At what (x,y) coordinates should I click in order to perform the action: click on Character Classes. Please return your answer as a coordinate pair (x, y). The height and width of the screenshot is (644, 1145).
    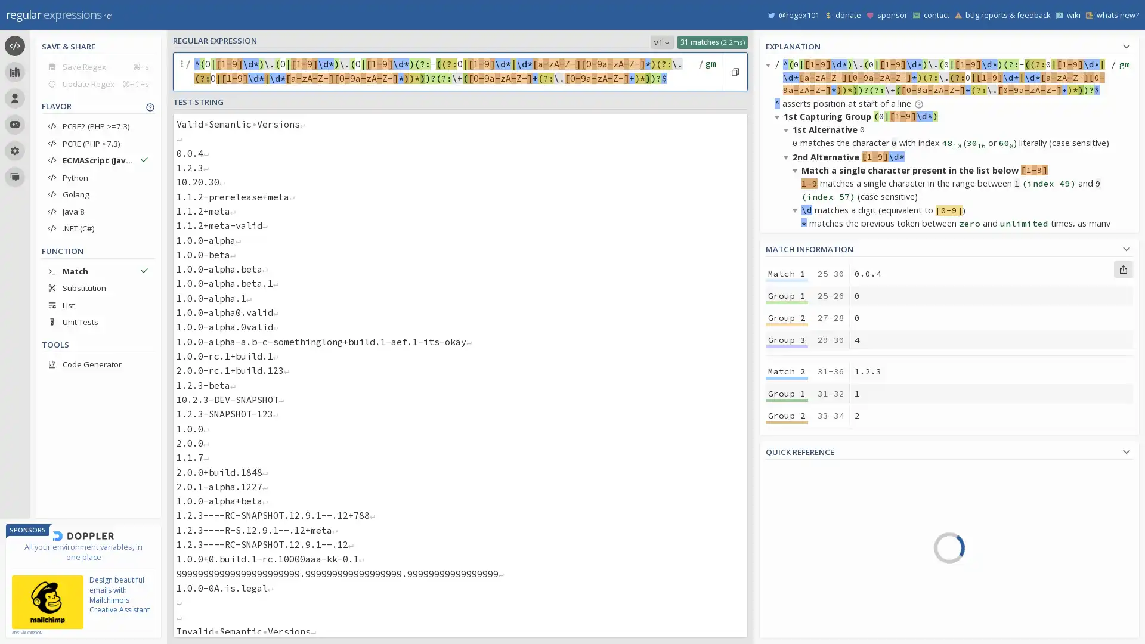
    Looking at the image, I should click on (821, 614).